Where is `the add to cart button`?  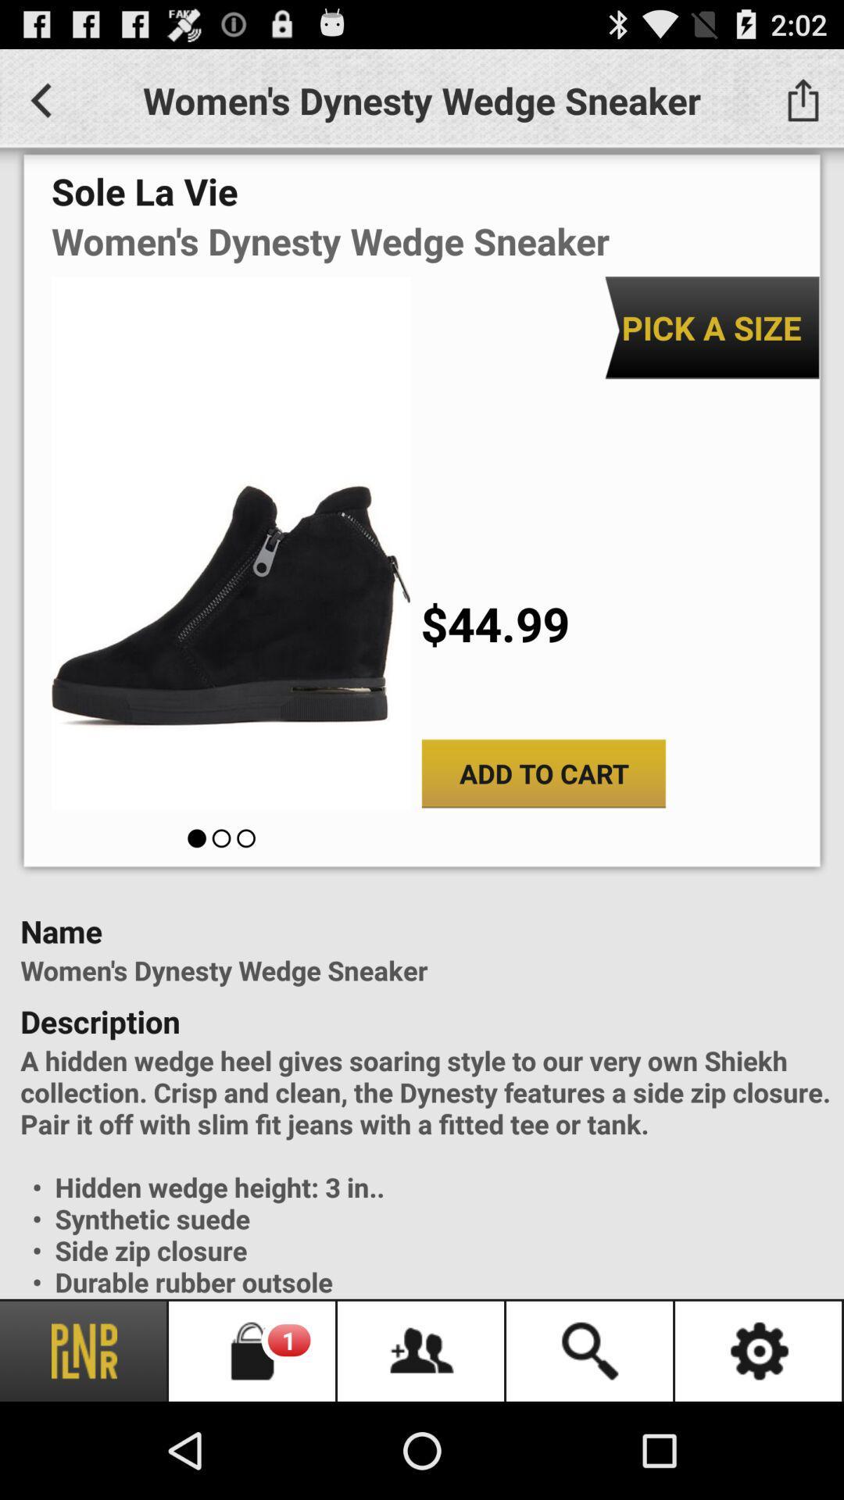
the add to cart button is located at coordinates (542, 773).